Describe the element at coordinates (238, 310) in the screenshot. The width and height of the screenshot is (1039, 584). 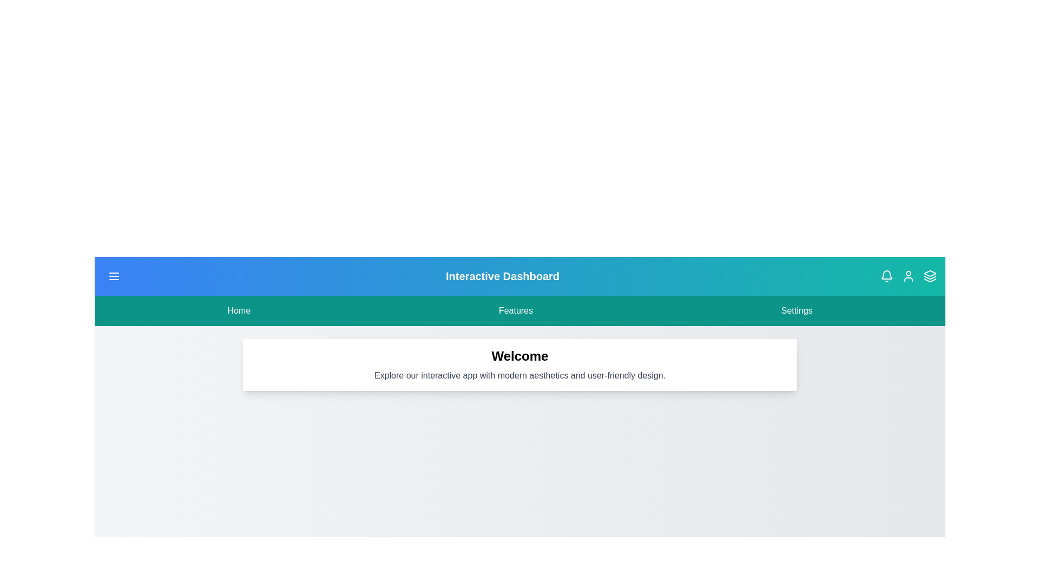
I see `the Home link in the navigation bar to navigate to the corresponding section` at that location.